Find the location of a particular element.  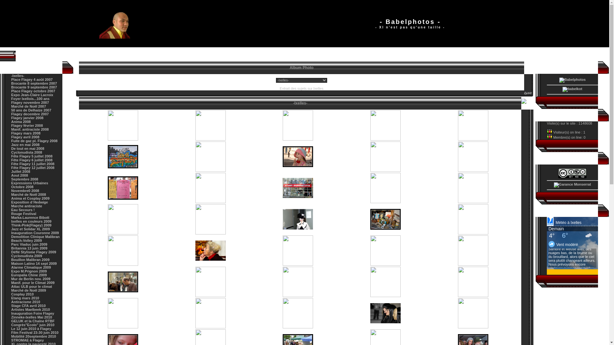

'Fermer' is located at coordinates (527, 103).